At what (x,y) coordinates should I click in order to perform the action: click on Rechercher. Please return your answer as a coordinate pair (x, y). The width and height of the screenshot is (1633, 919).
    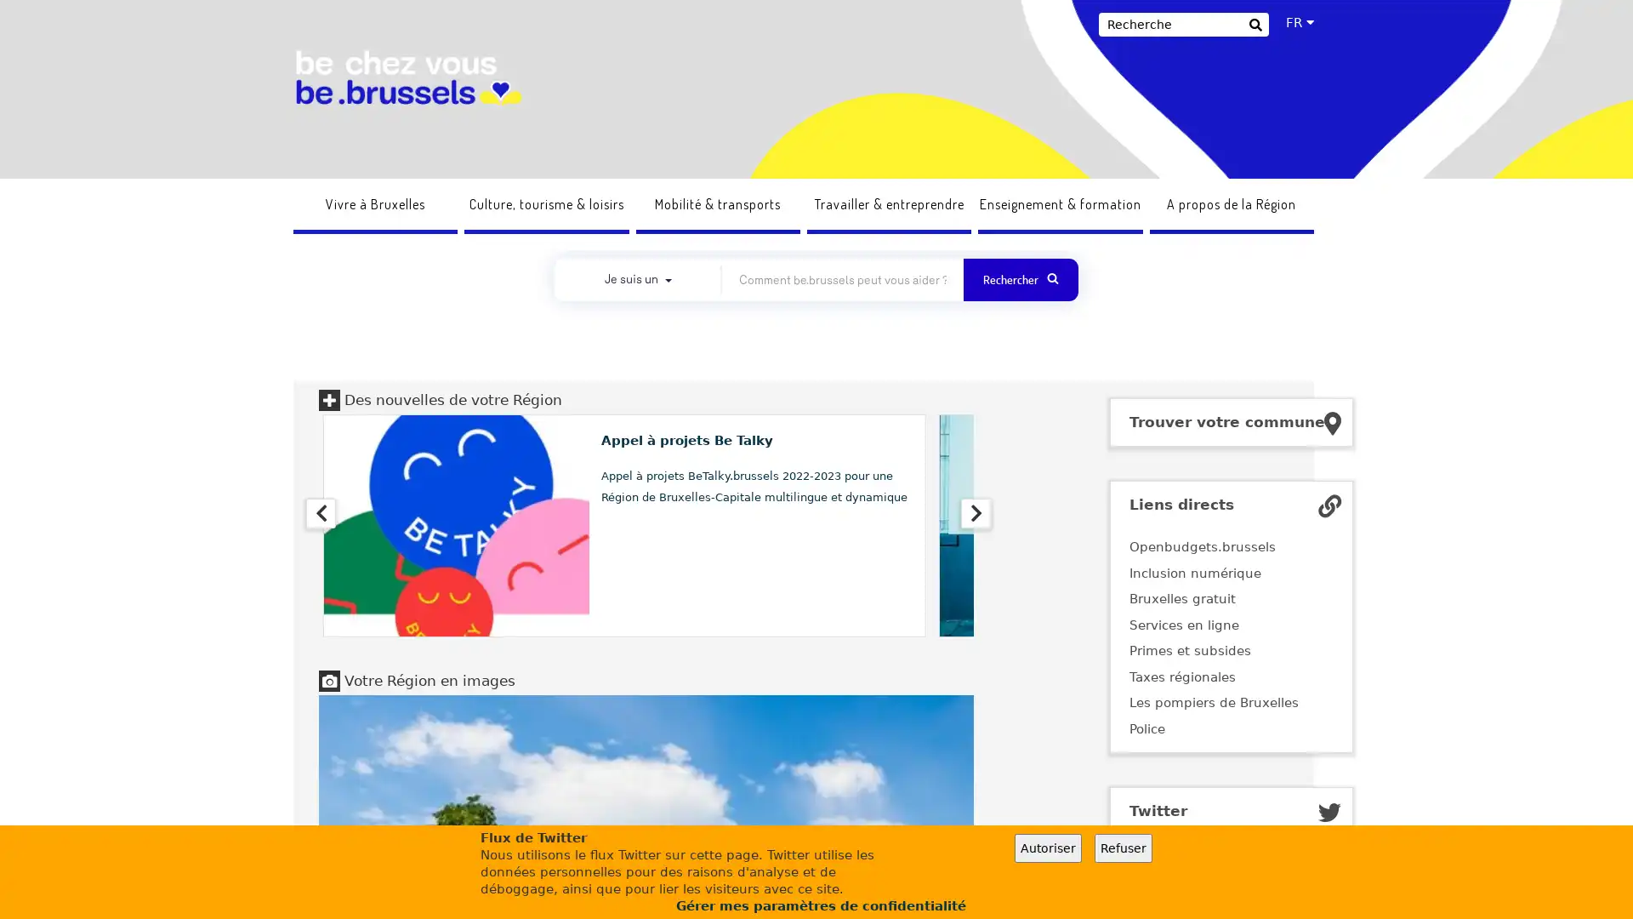
    Looking at the image, I should click on (1255, 26).